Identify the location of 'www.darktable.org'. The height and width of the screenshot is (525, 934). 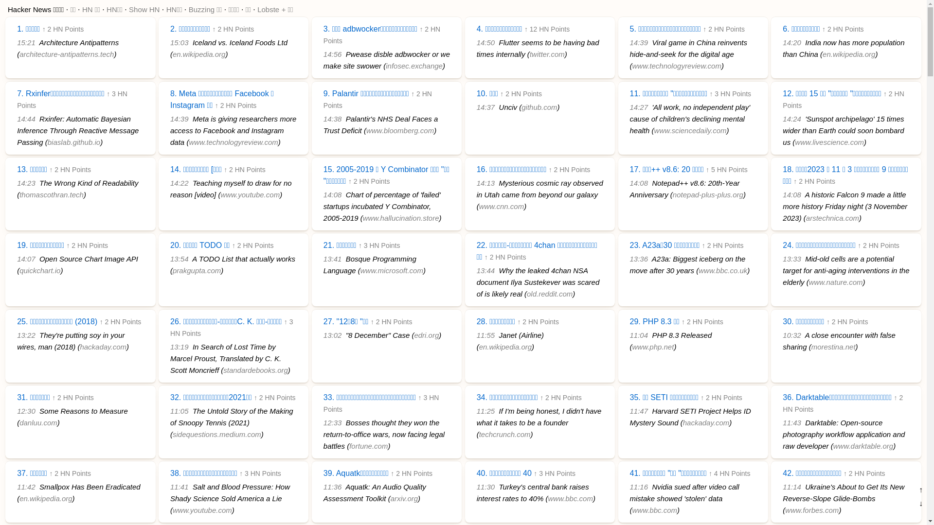
(833, 446).